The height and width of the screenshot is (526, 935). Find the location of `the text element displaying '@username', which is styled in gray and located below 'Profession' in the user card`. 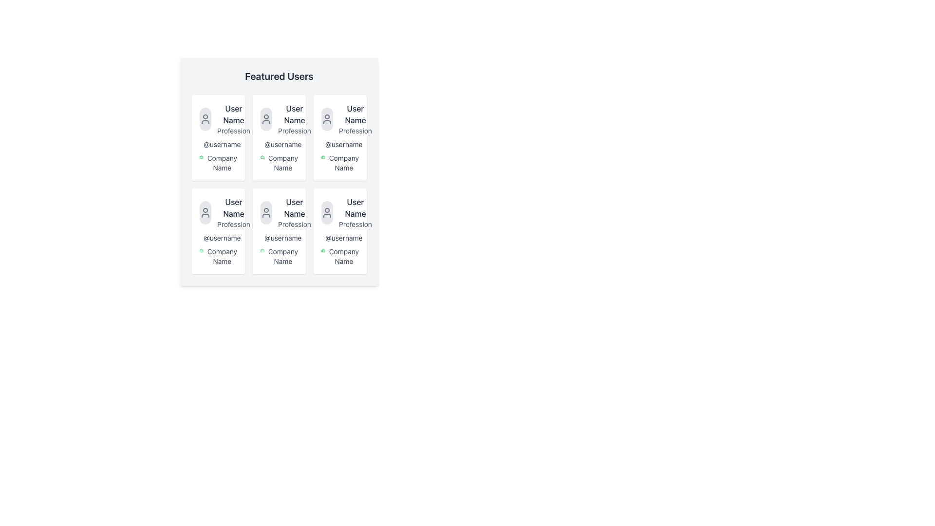

the text element displaying '@username', which is styled in gray and located below 'Profession' in the user card is located at coordinates (218, 238).